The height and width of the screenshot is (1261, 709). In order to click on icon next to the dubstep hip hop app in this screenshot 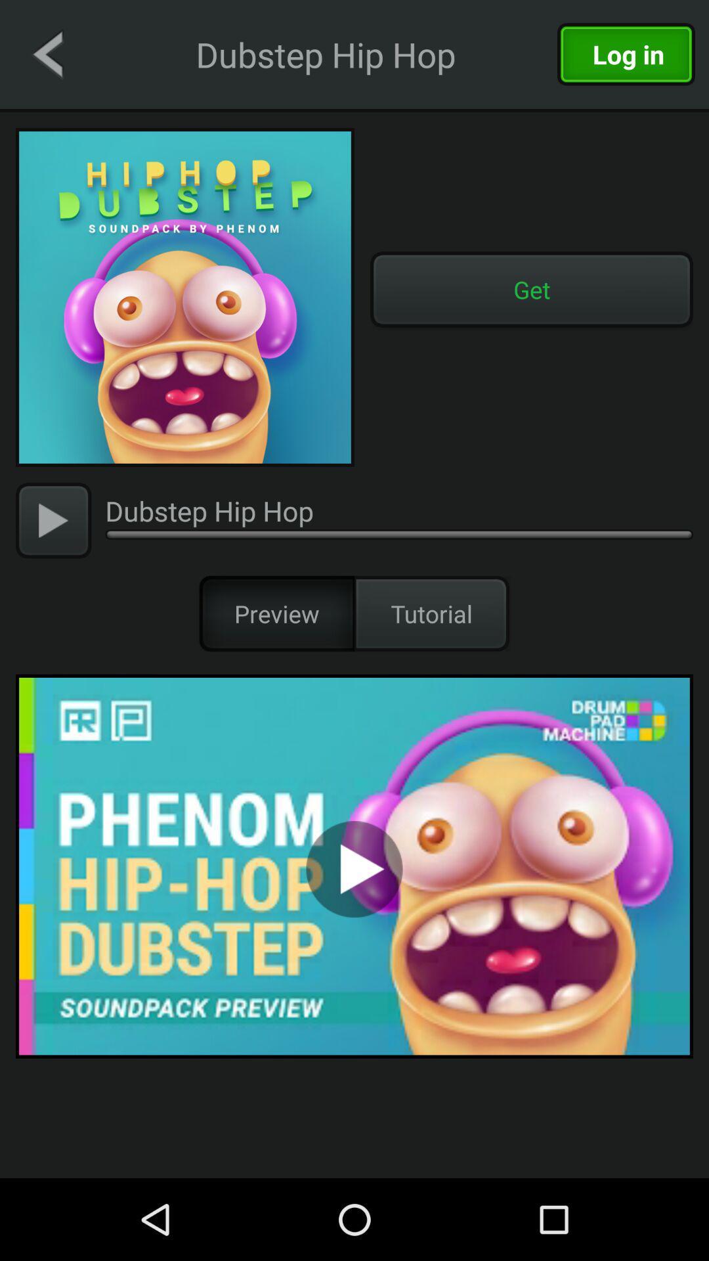, I will do `click(53, 520)`.